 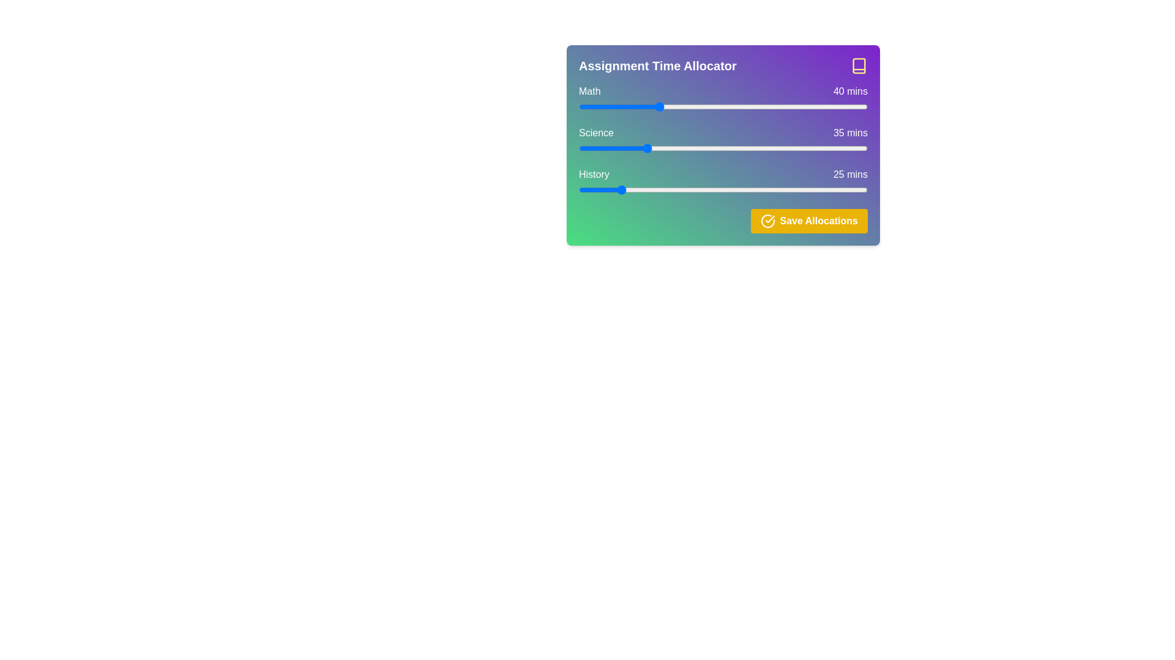 What do you see at coordinates (843, 190) in the screenshot?
I see `history time allocation` at bounding box center [843, 190].